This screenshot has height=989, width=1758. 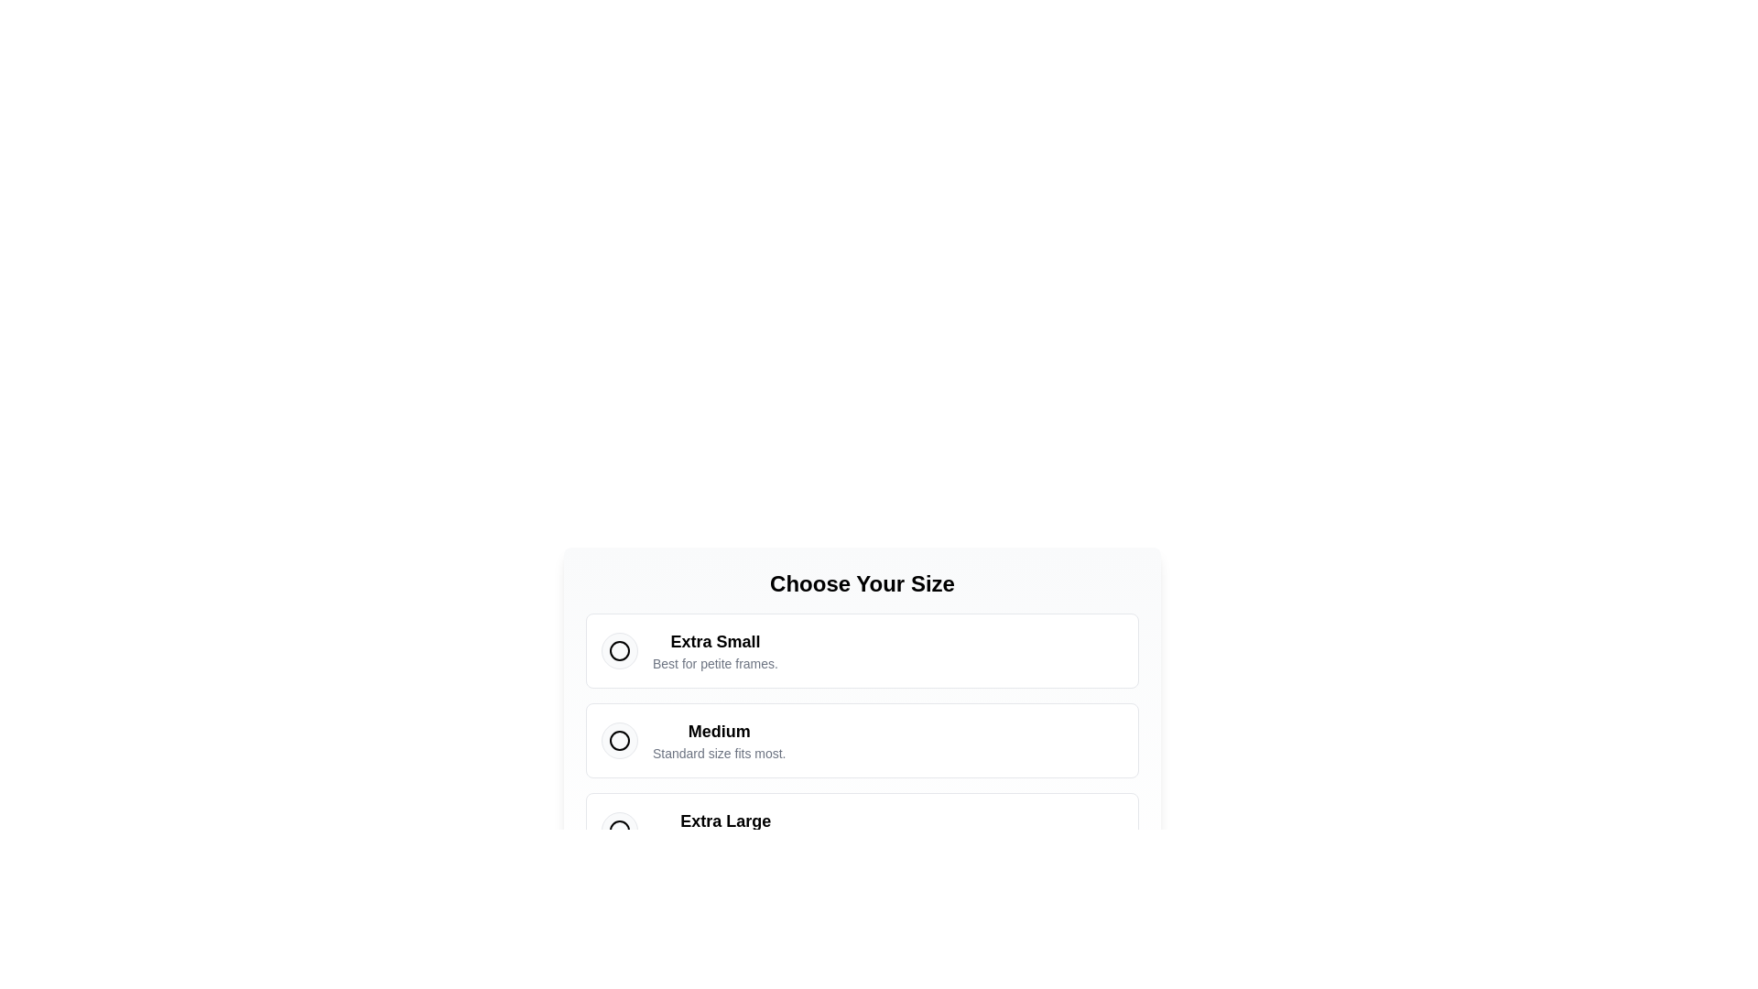 What do you see at coordinates (714, 649) in the screenshot?
I see `the 'Extra Small' sizing option text label located within the selection card component` at bounding box center [714, 649].